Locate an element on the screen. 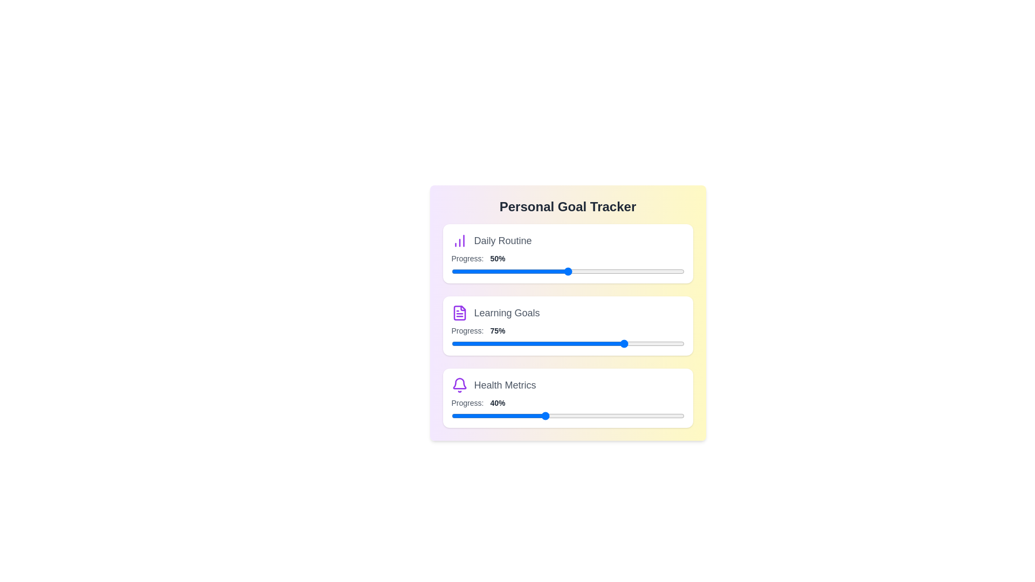 This screenshot has width=1035, height=582. the icon corresponding to Daily Routine is located at coordinates (459, 240).